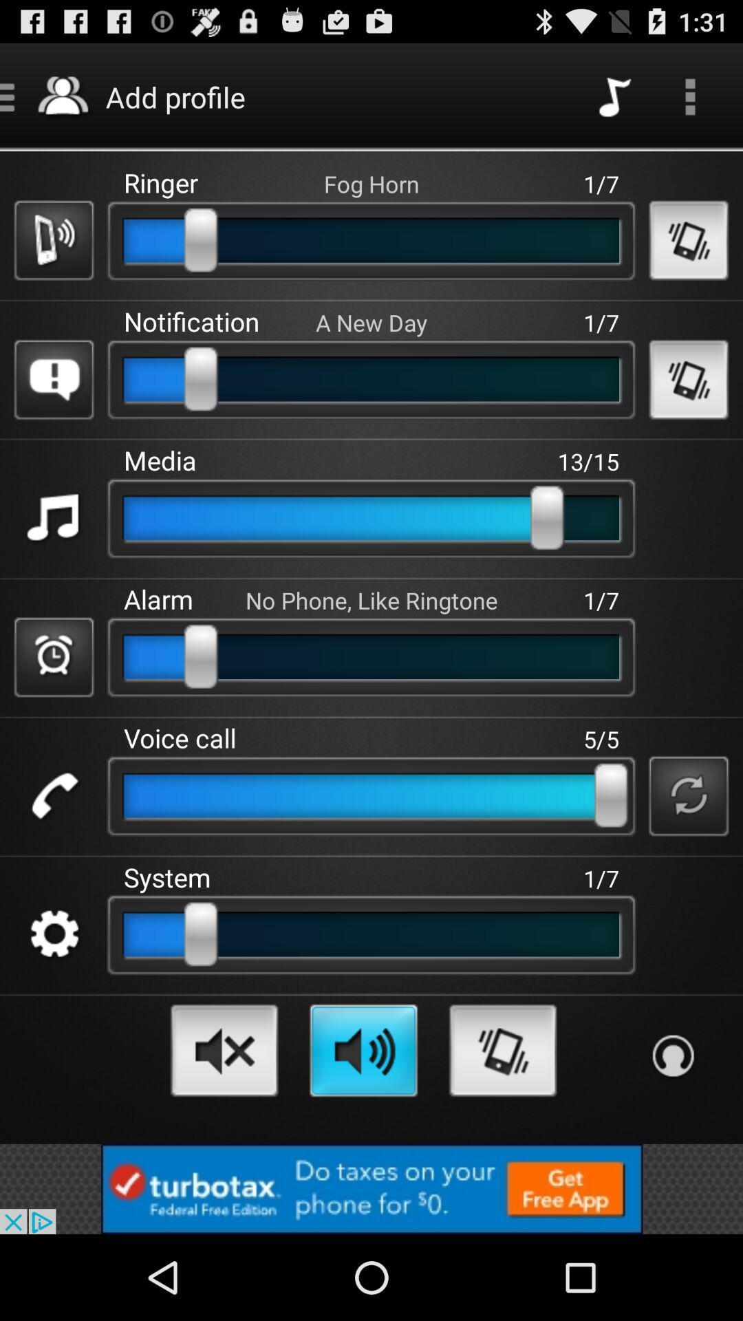 The image size is (743, 1321). I want to click on the call icon, so click(53, 851).